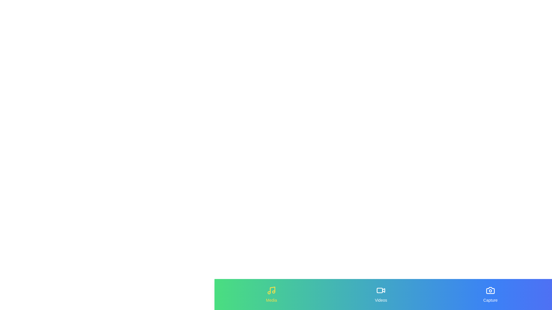 The width and height of the screenshot is (552, 310). Describe the element at coordinates (490, 294) in the screenshot. I see `the tab Capture in the MultimediaBottomNavigation component` at that location.